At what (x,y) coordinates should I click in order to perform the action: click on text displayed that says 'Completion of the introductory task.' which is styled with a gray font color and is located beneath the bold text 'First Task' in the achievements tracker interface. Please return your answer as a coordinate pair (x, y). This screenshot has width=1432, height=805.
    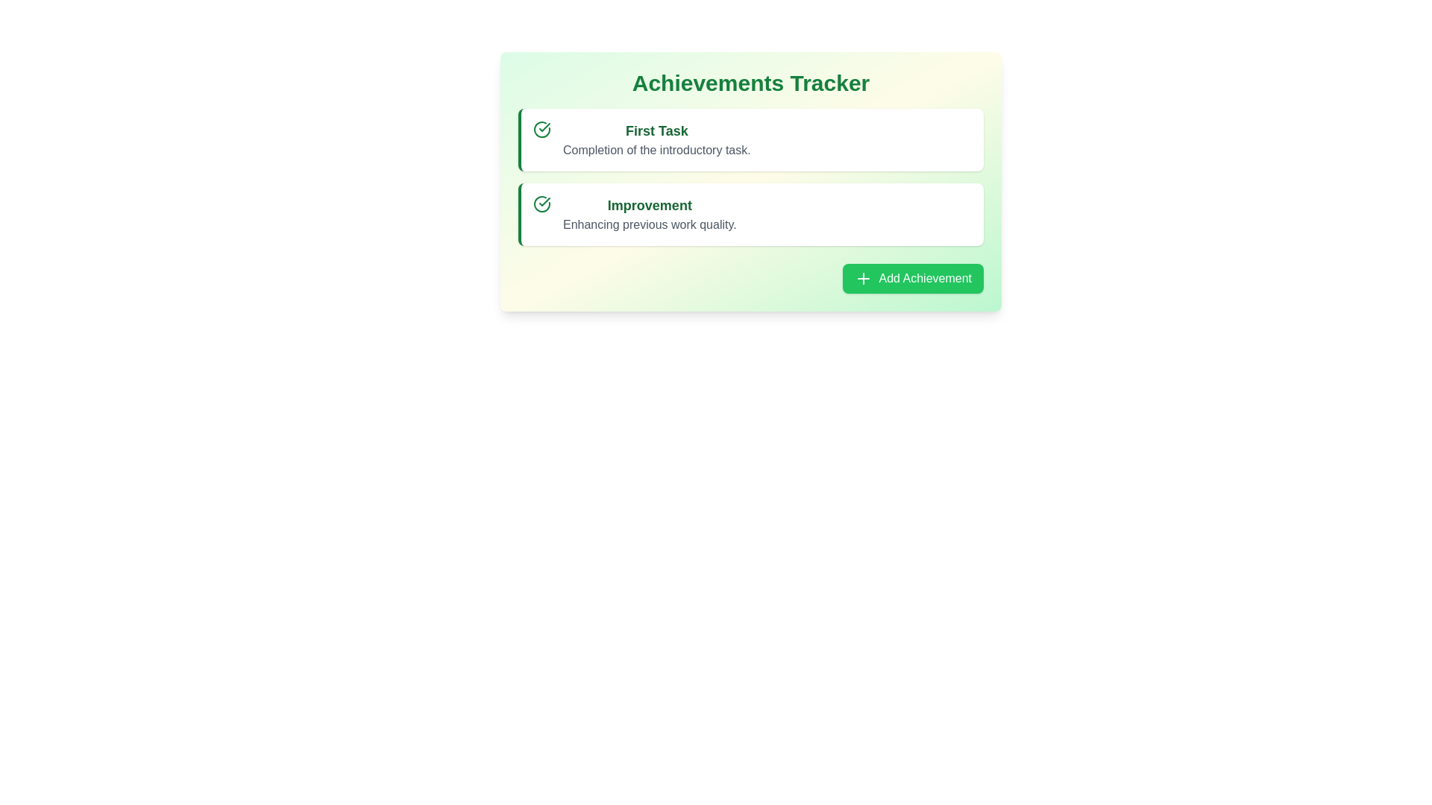
    Looking at the image, I should click on (656, 150).